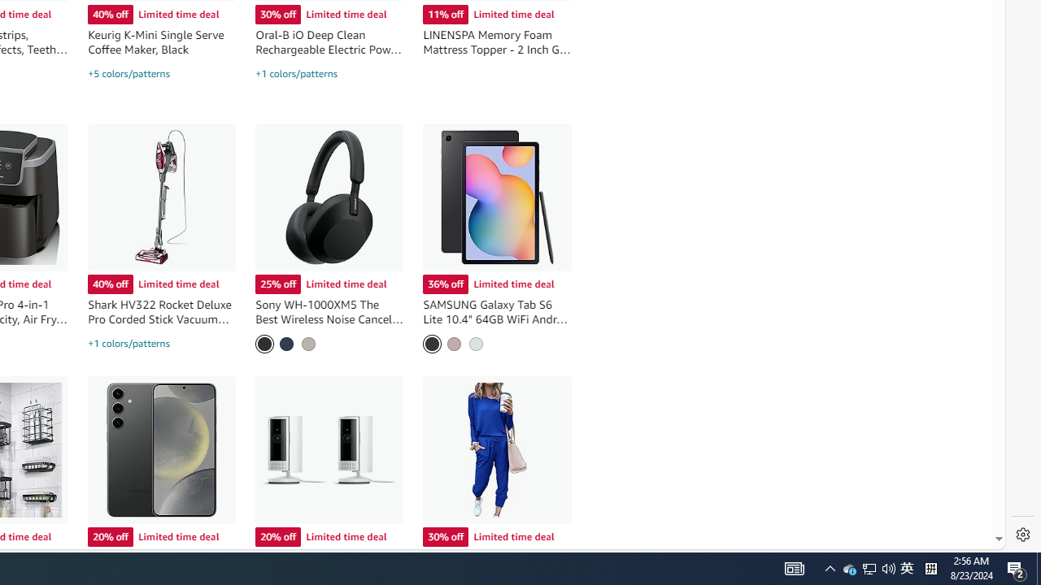  I want to click on 'Black', so click(264, 343).